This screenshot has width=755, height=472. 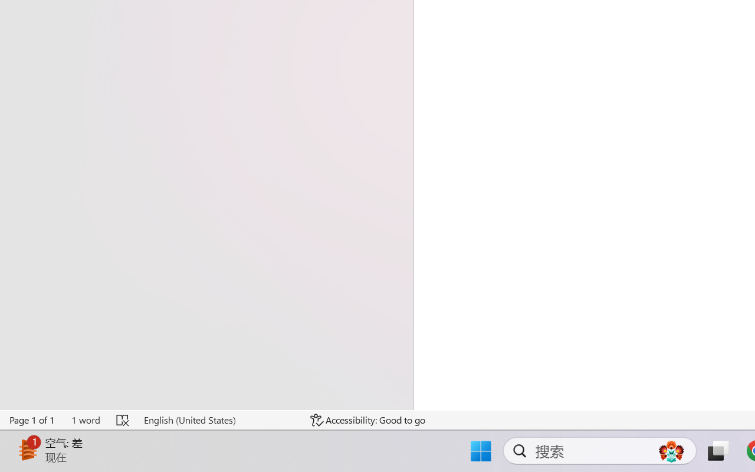 What do you see at coordinates (123, 419) in the screenshot?
I see `'Spelling and Grammar Check Errors'` at bounding box center [123, 419].